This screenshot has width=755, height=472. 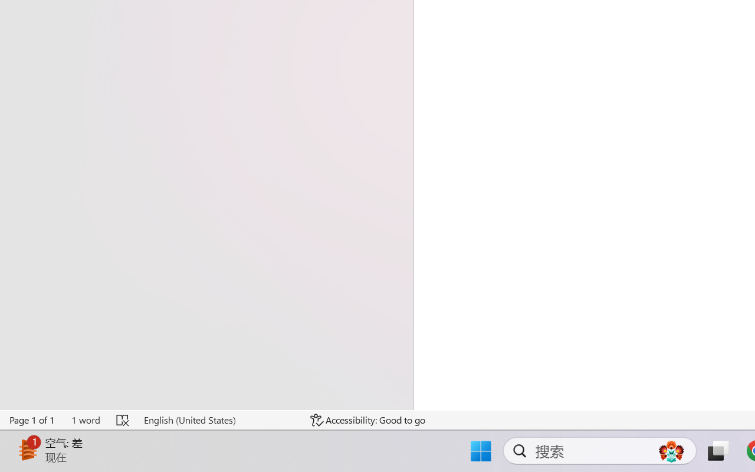 What do you see at coordinates (123, 419) in the screenshot?
I see `'Spelling and Grammar Check Errors'` at bounding box center [123, 419].